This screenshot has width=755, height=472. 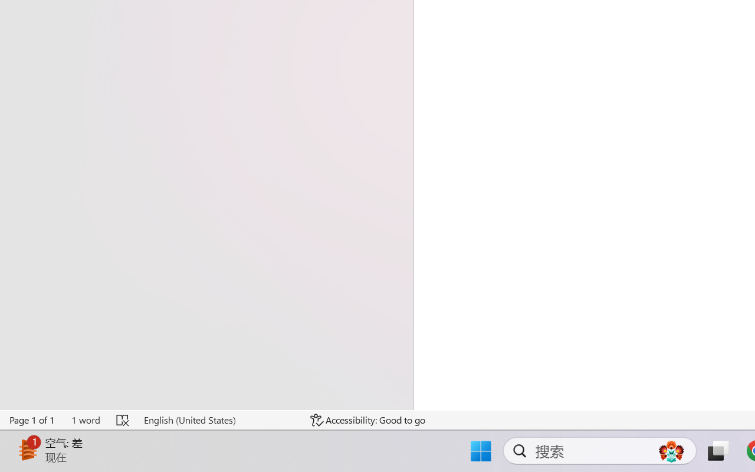 What do you see at coordinates (123, 419) in the screenshot?
I see `'Spelling and Grammar Check Errors'` at bounding box center [123, 419].